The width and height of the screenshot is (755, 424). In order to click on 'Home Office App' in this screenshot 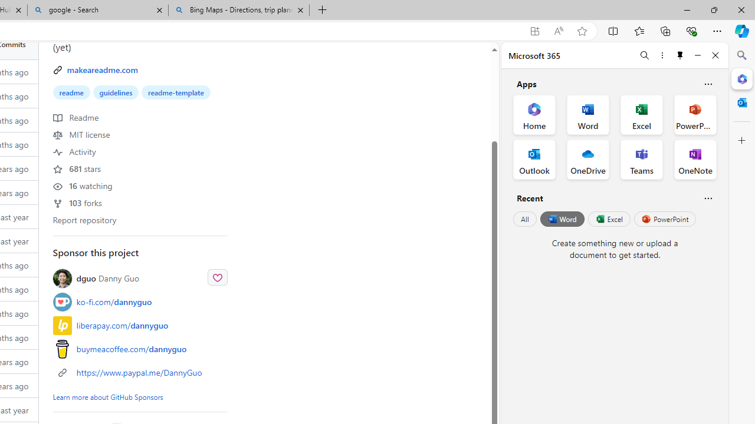, I will do `click(534, 115)`.